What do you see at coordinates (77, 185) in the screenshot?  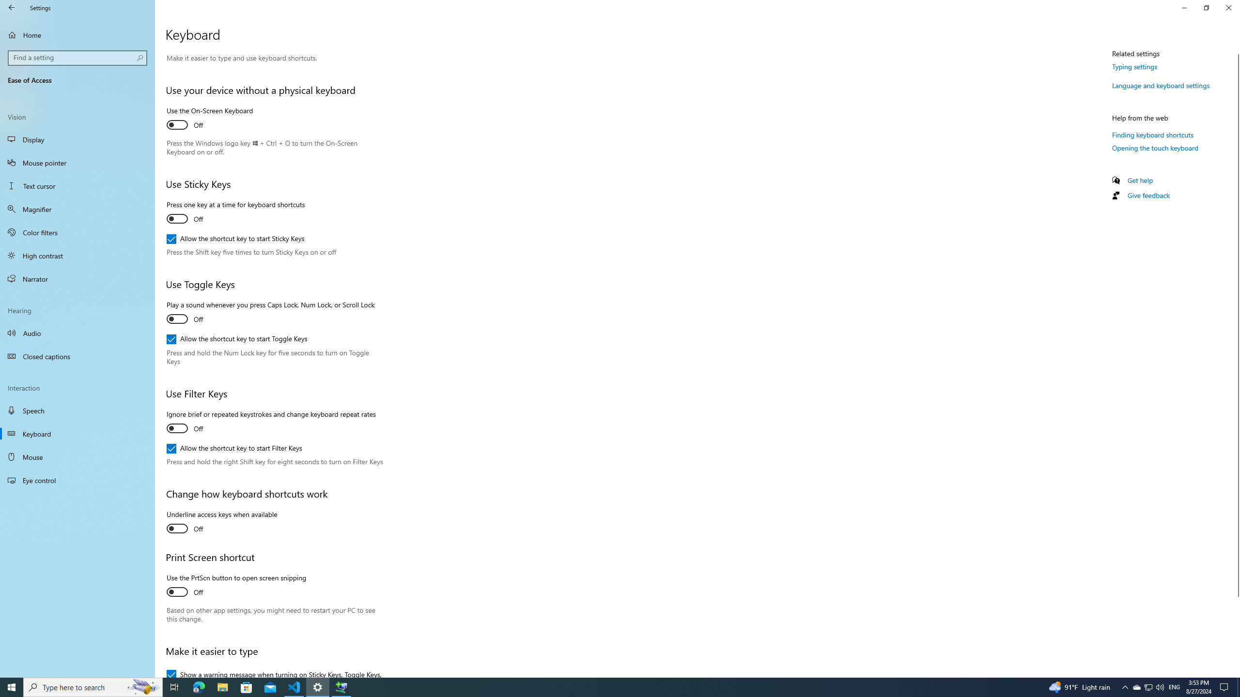 I see `'Text cursor'` at bounding box center [77, 185].